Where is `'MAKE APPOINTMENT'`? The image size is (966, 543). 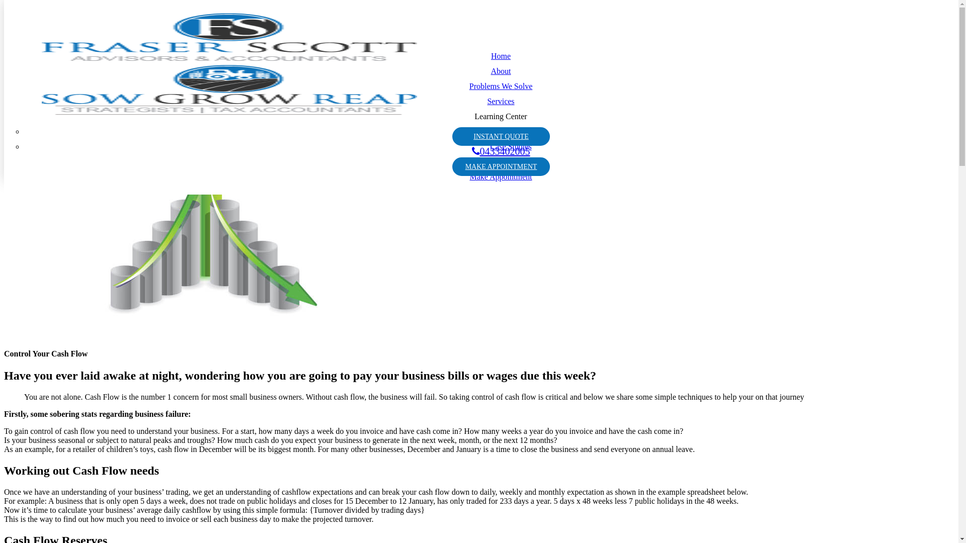 'MAKE APPOINTMENT' is located at coordinates (501, 166).